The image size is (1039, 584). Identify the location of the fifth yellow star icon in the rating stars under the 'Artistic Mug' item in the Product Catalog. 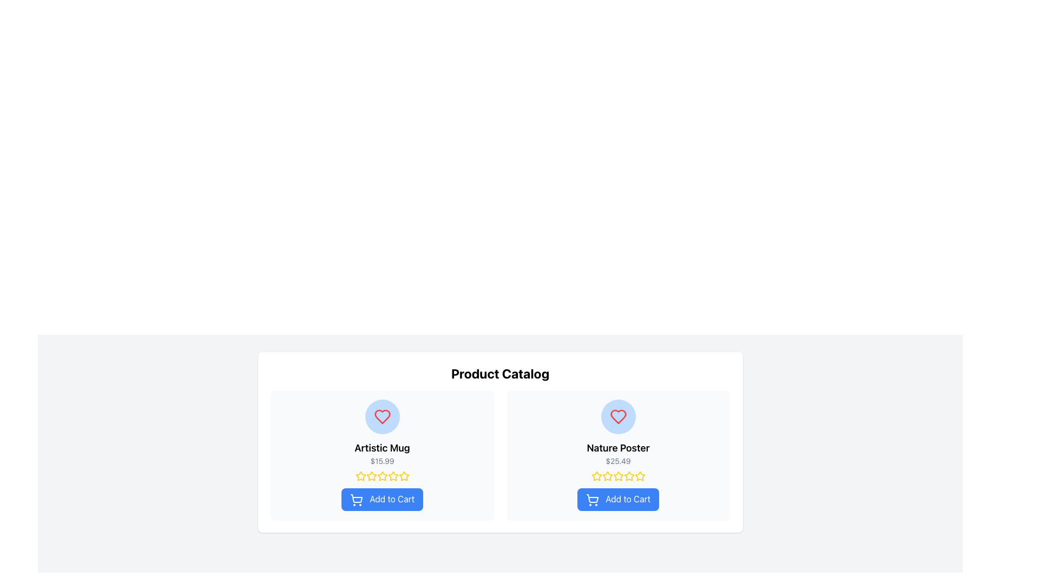
(403, 475).